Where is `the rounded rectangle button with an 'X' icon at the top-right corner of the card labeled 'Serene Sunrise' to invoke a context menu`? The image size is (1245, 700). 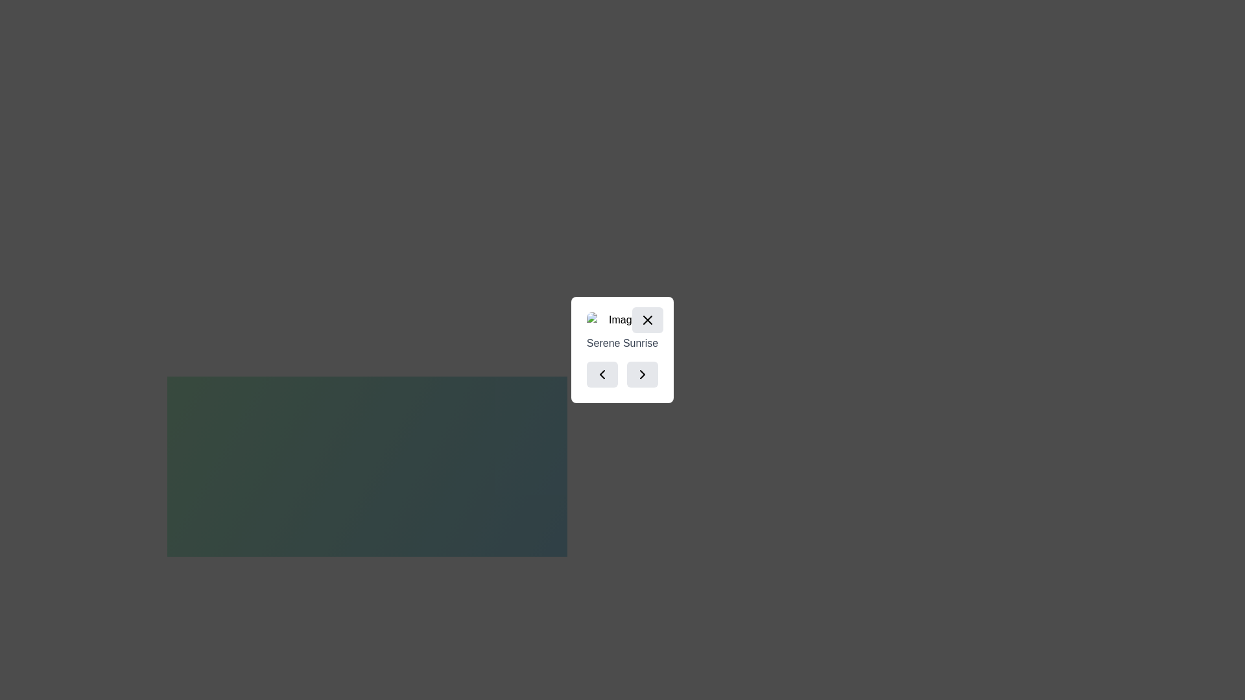
the rounded rectangle button with an 'X' icon at the top-right corner of the card labeled 'Serene Sunrise' to invoke a context menu is located at coordinates (648, 320).